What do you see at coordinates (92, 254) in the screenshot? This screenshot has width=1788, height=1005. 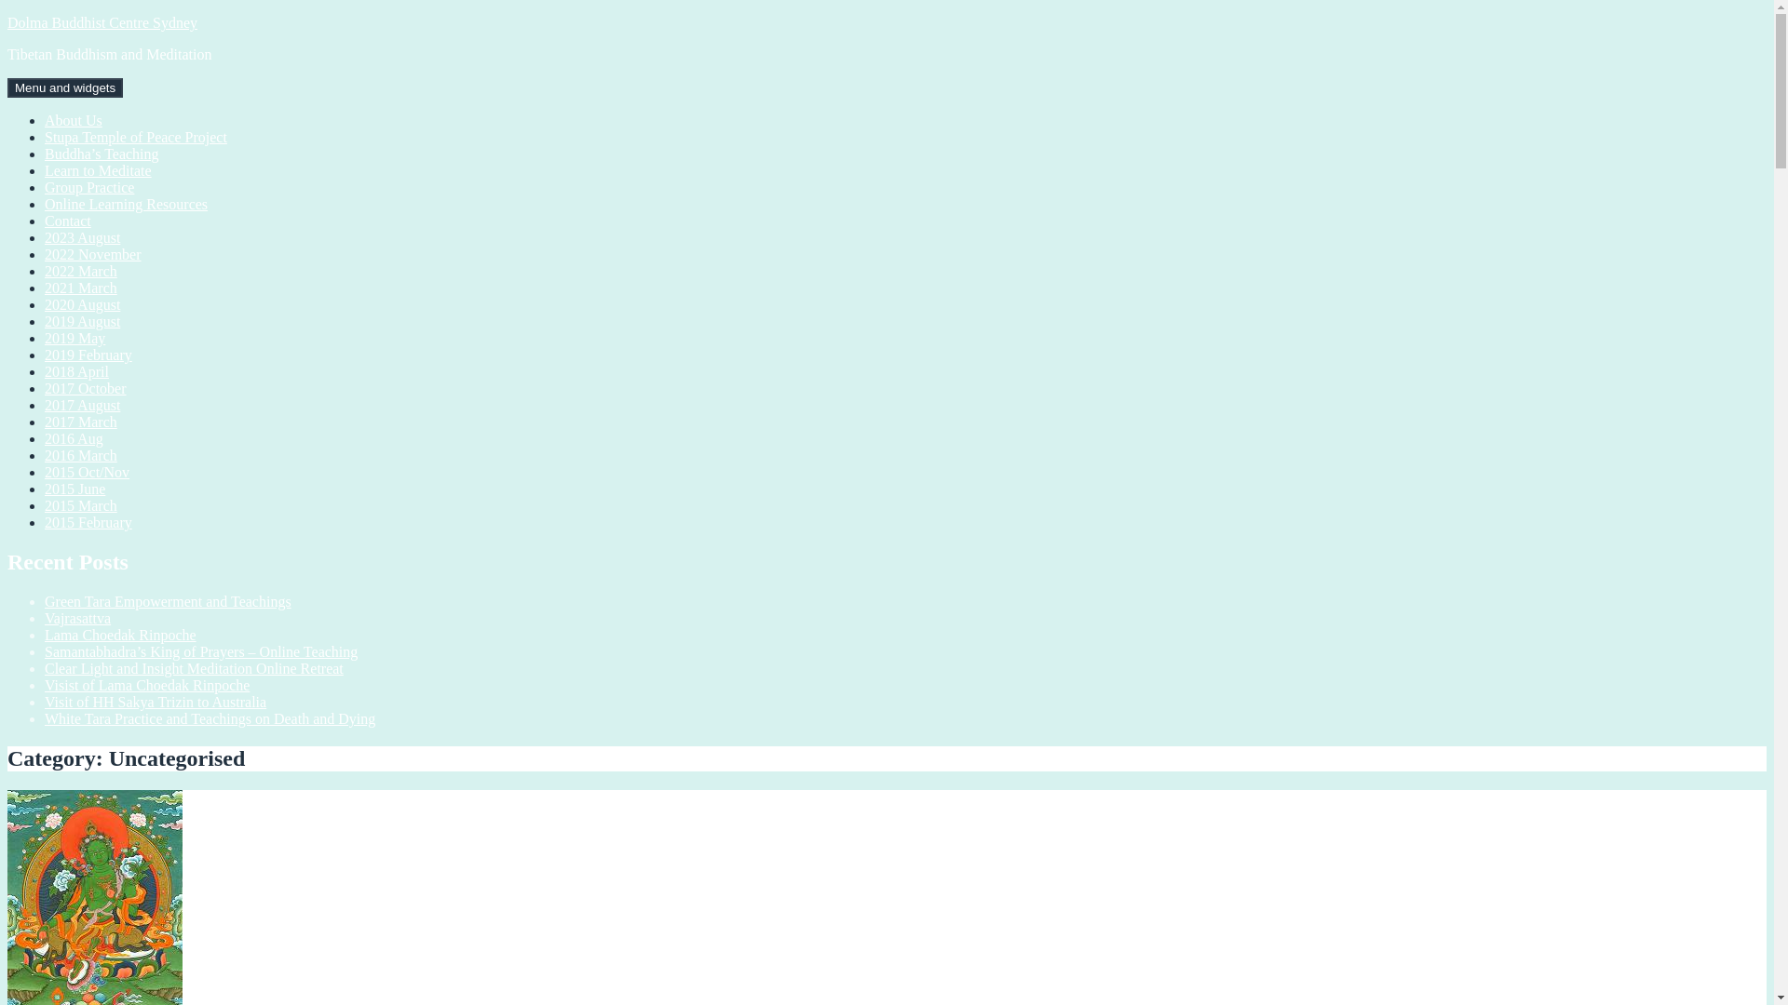 I see `'2022 November'` at bounding box center [92, 254].